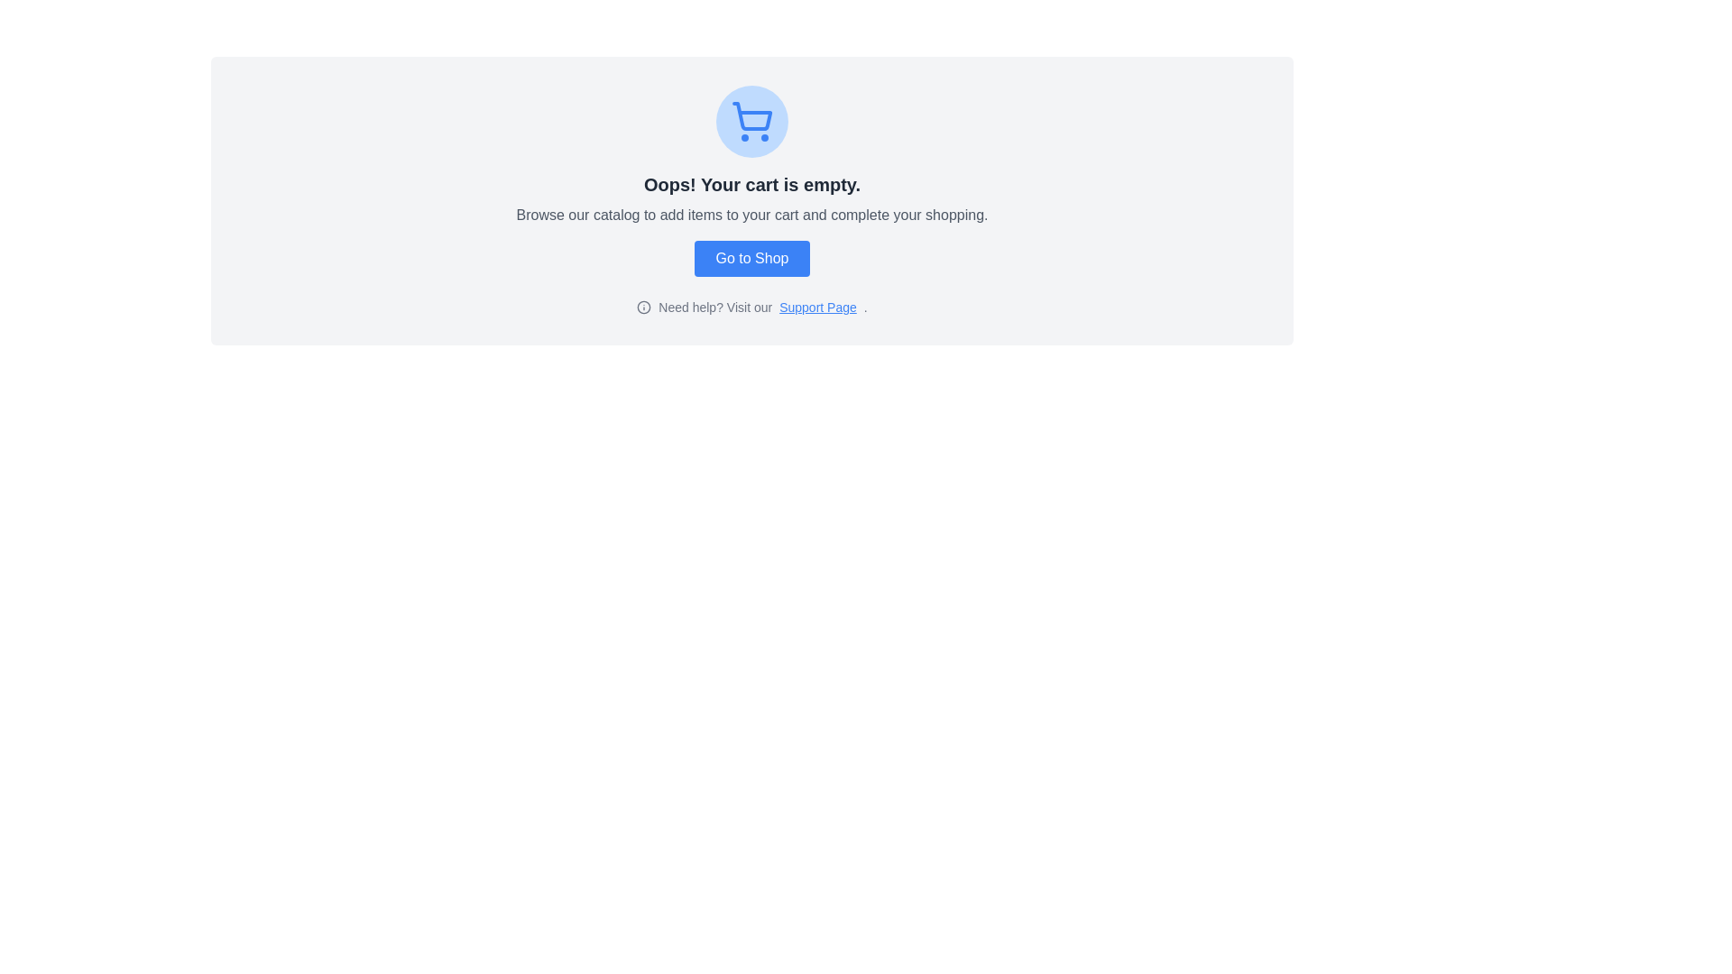 This screenshot has width=1732, height=974. What do you see at coordinates (752, 215) in the screenshot?
I see `the informative Text Label that prompts users to browse the catalog, positioned below the title 'Oops! Your cart is empty.' and above the 'Go to Shop' button` at bounding box center [752, 215].